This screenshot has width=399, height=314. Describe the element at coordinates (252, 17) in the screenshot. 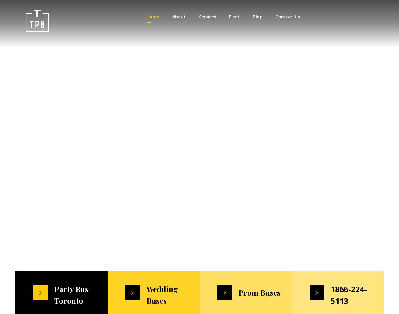

I see `'Blog'` at that location.